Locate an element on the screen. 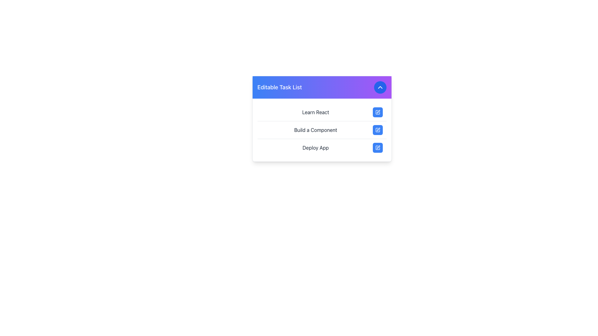  the toggle button in the top-right corner next to 'Editable Task List' is located at coordinates (380, 87).